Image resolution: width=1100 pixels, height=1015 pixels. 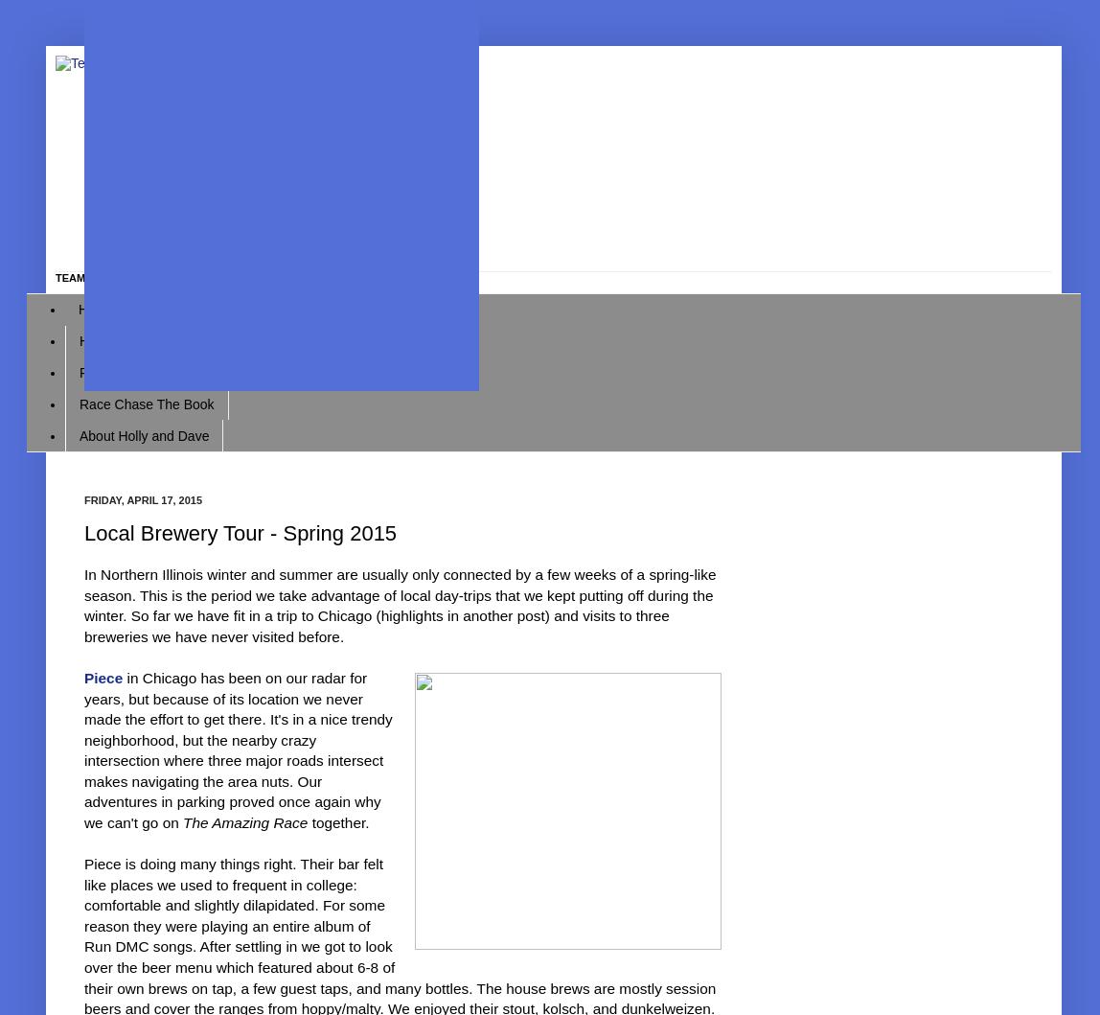 I want to click on 'Friday, April 17, 2015', so click(x=84, y=499).